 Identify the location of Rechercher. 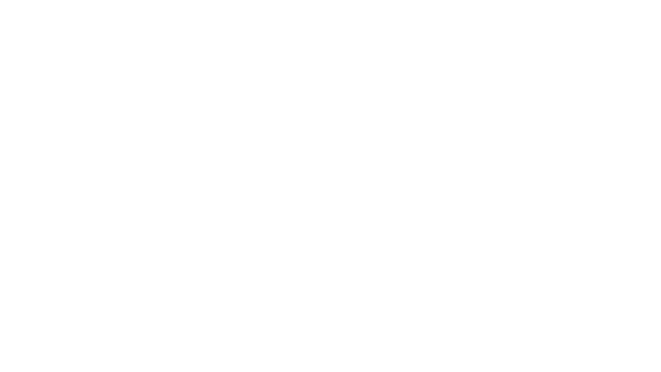
(483, 59).